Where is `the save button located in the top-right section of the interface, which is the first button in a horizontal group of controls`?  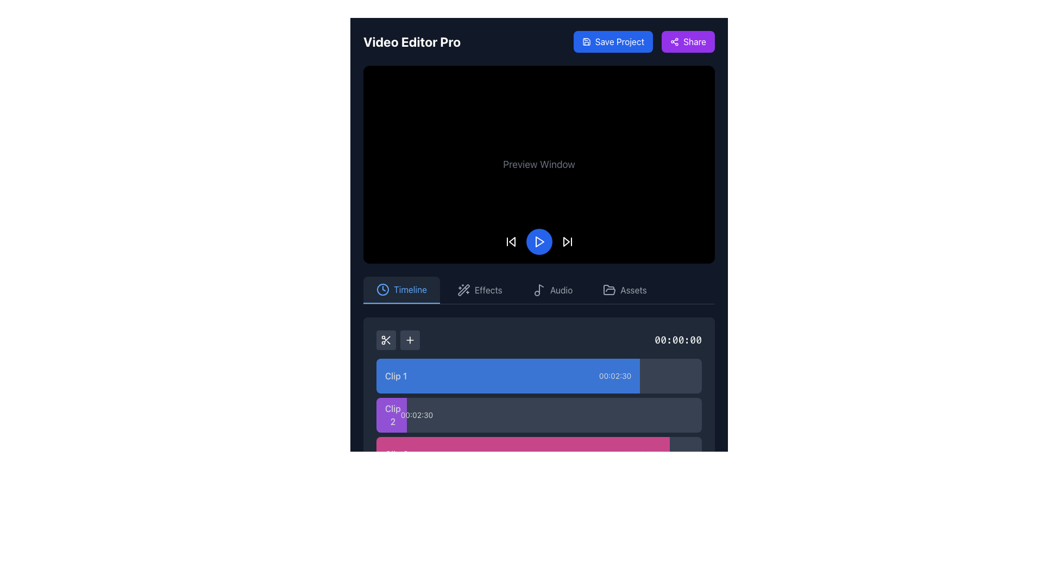
the save button located in the top-right section of the interface, which is the first button in a horizontal group of controls is located at coordinates (613, 41).